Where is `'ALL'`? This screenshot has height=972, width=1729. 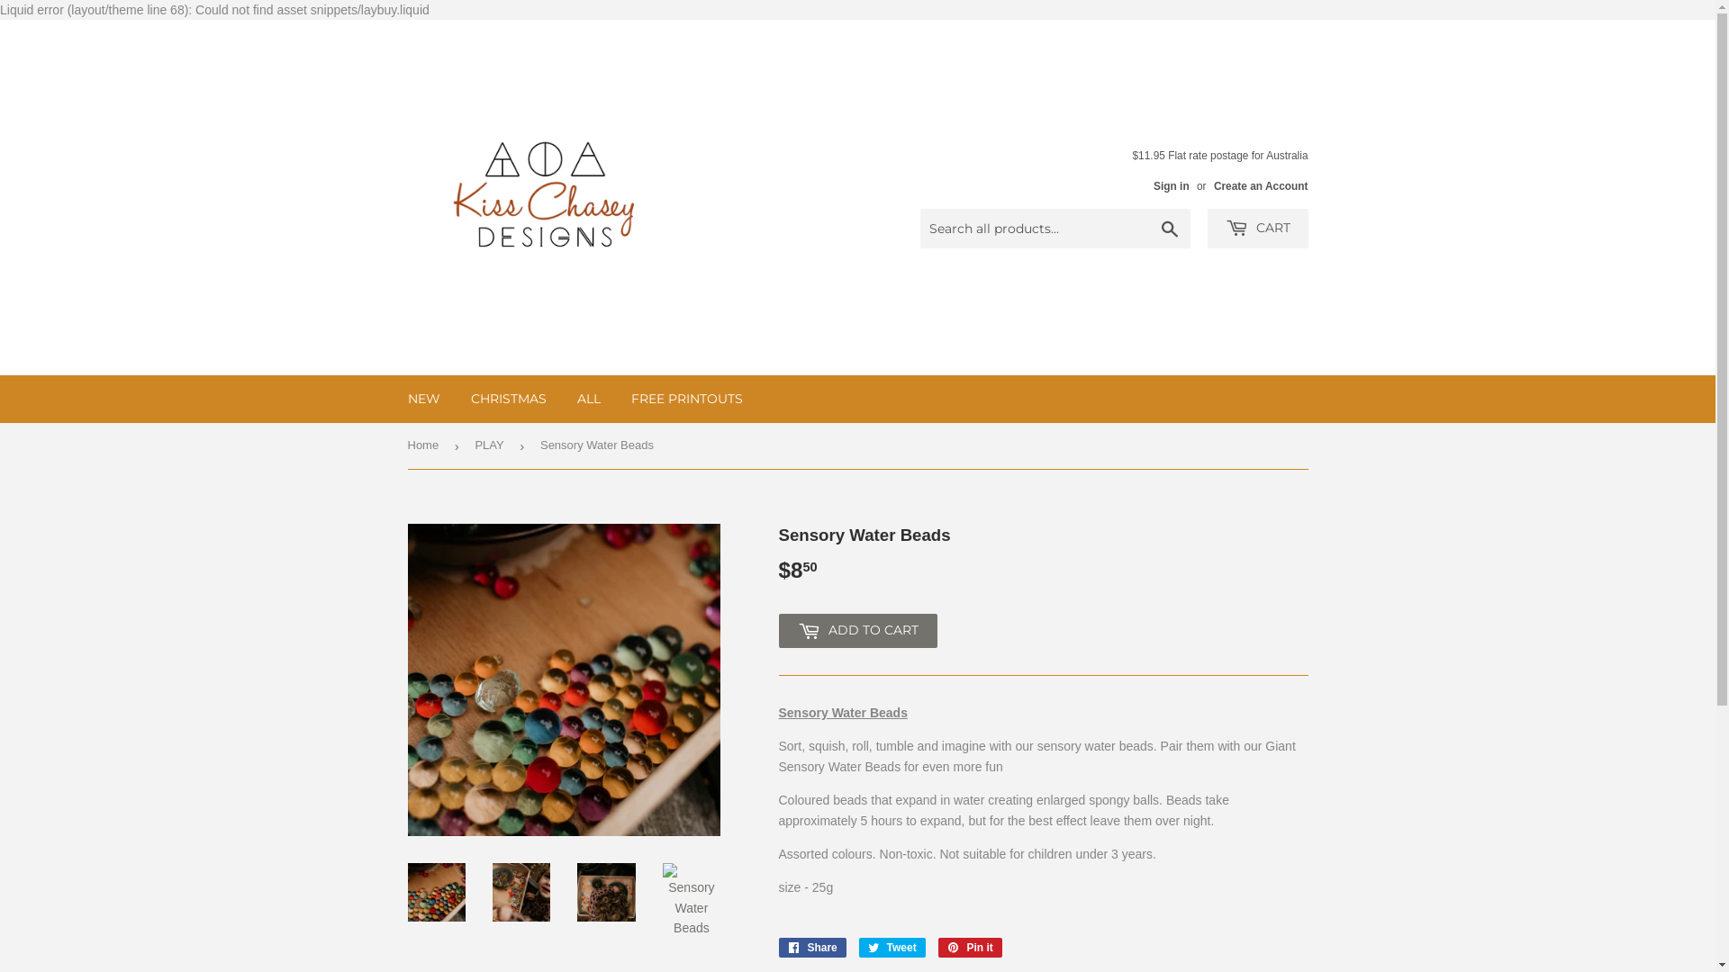
'ALL' is located at coordinates (562, 398).